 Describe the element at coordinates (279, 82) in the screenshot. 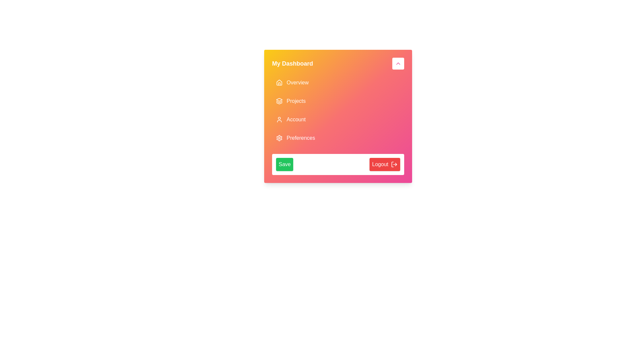

I see `the house-shaped icon located to the left of the 'Overview' button` at that location.